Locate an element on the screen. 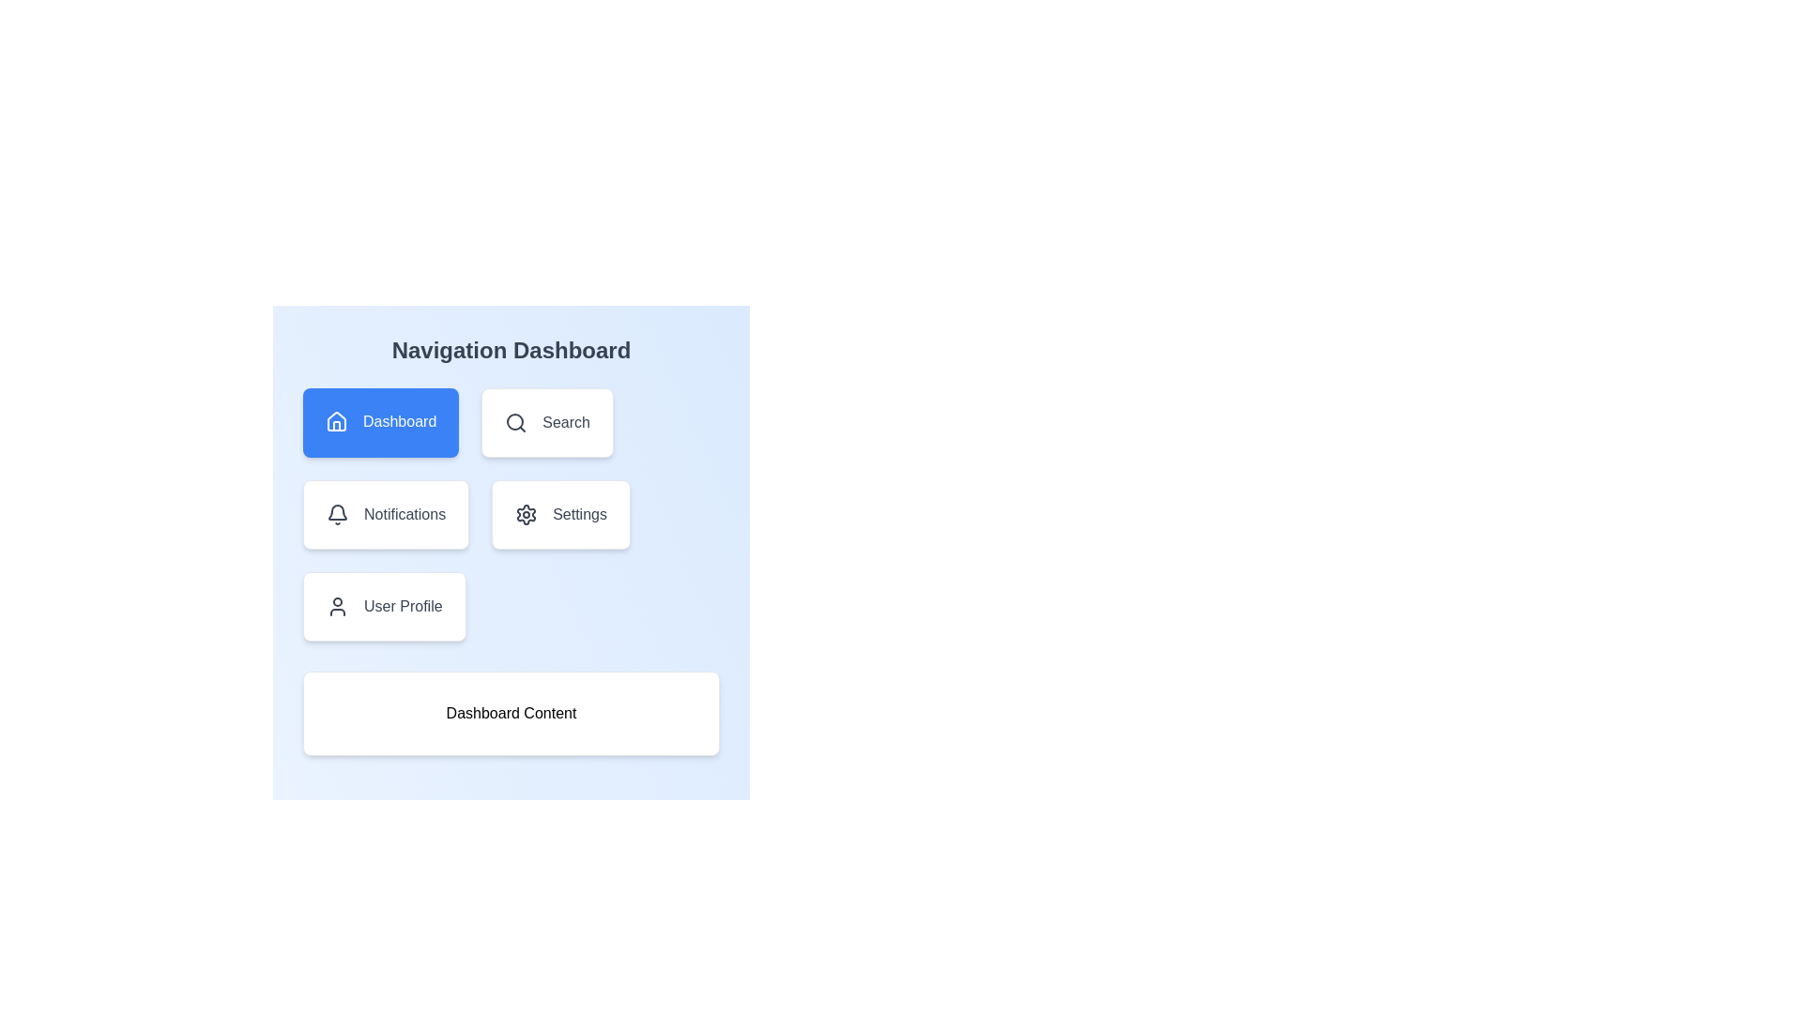 The height and width of the screenshot is (1013, 1802). the user profile icon located in the bottom-left section of the navigation panel, which represents the 'User Profile' functionality is located at coordinates (338, 607).